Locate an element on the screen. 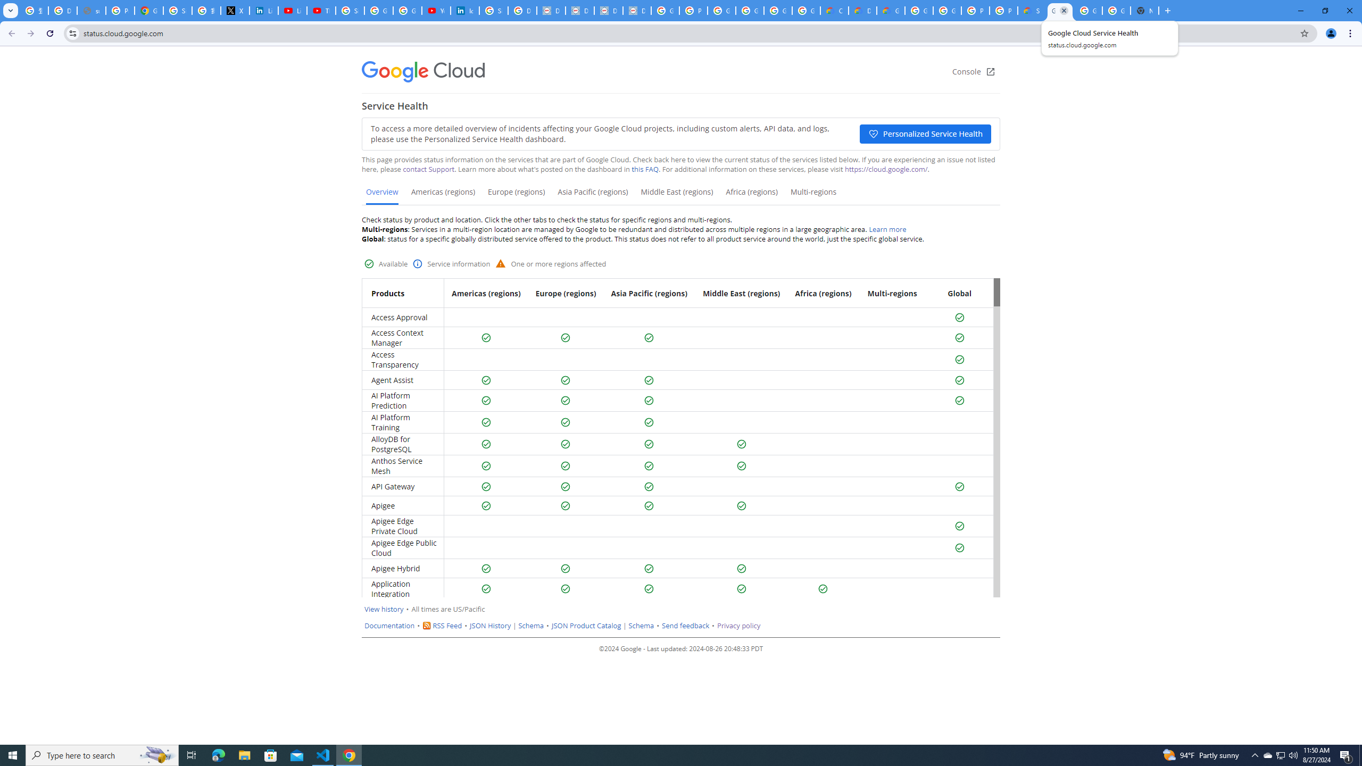  'LinkedIn Privacy Policy' is located at coordinates (264, 10).